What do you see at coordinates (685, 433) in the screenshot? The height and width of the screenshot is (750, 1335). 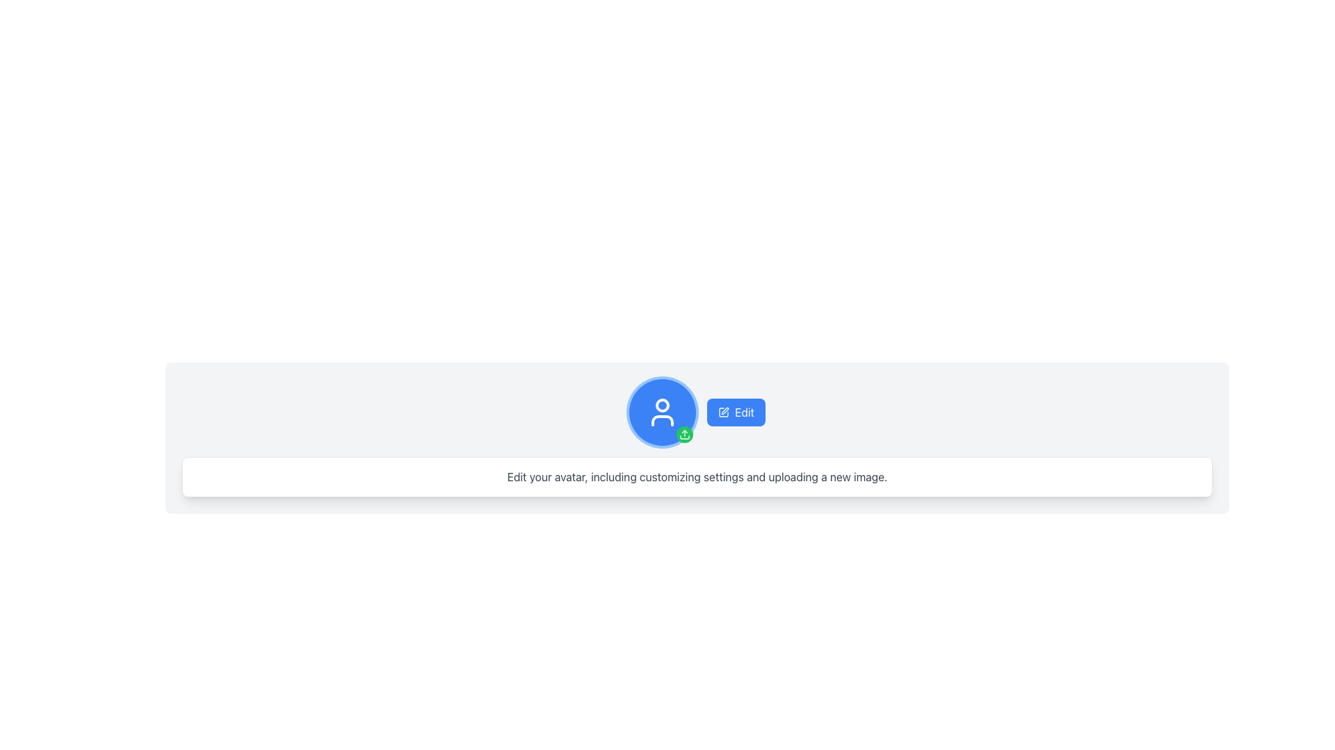 I see `the button located at the bottom-right of the circular profile icon` at bounding box center [685, 433].